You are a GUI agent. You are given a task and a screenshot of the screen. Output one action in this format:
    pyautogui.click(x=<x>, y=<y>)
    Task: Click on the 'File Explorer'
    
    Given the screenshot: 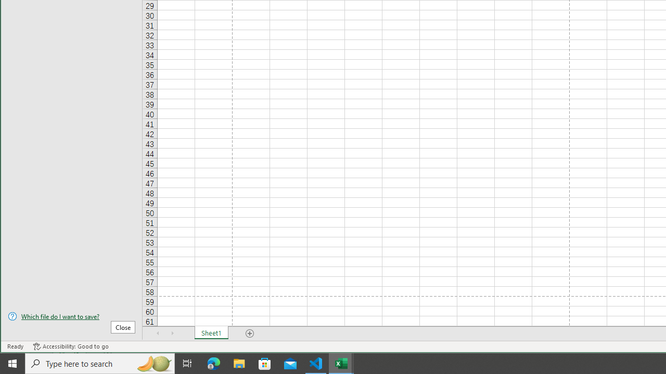 What is the action you would take?
    pyautogui.click(x=239, y=363)
    